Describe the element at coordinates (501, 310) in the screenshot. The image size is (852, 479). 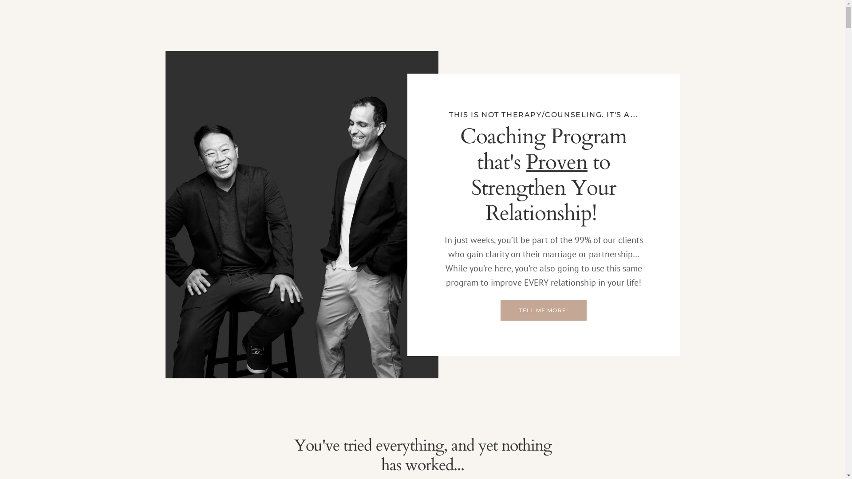
I see `'TELL ME MORE!'` at that location.